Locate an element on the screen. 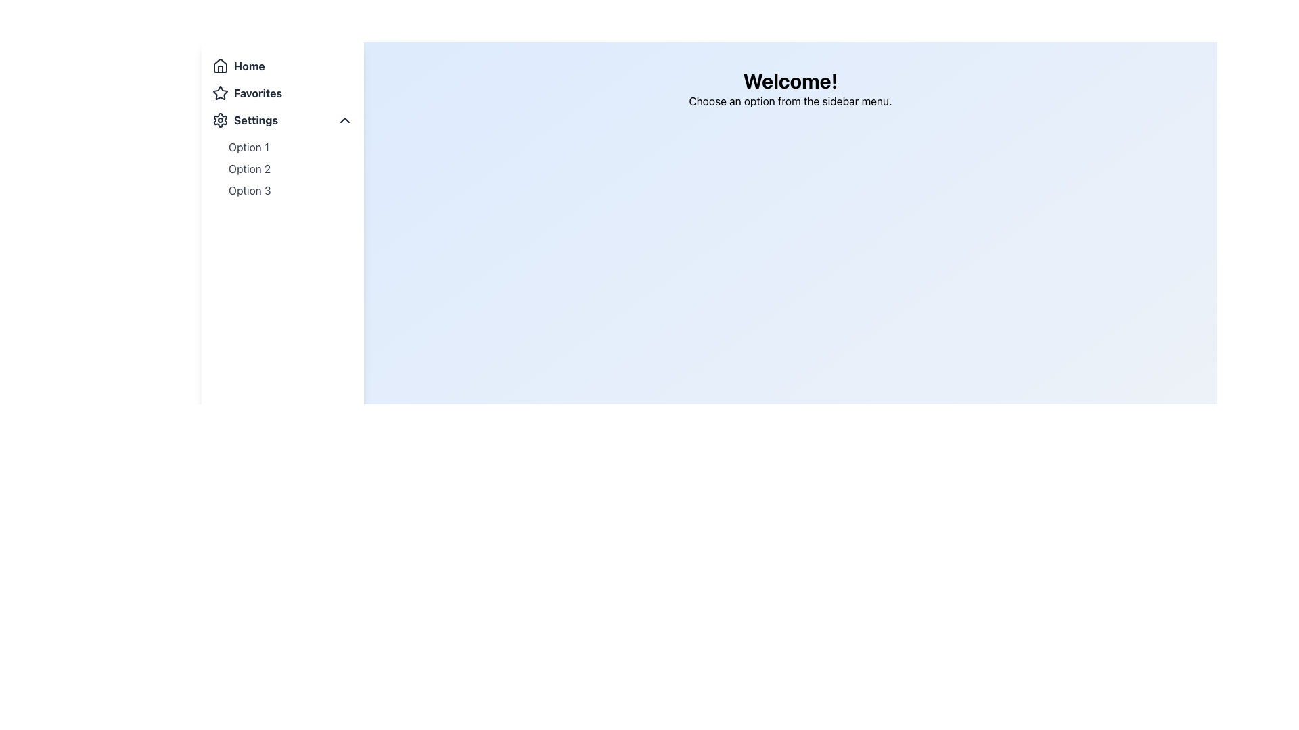 The width and height of the screenshot is (1299, 730). the first selectable menu option labeled 'Option 1' in the Settings menu located in the left sidebar is located at coordinates (249, 147).